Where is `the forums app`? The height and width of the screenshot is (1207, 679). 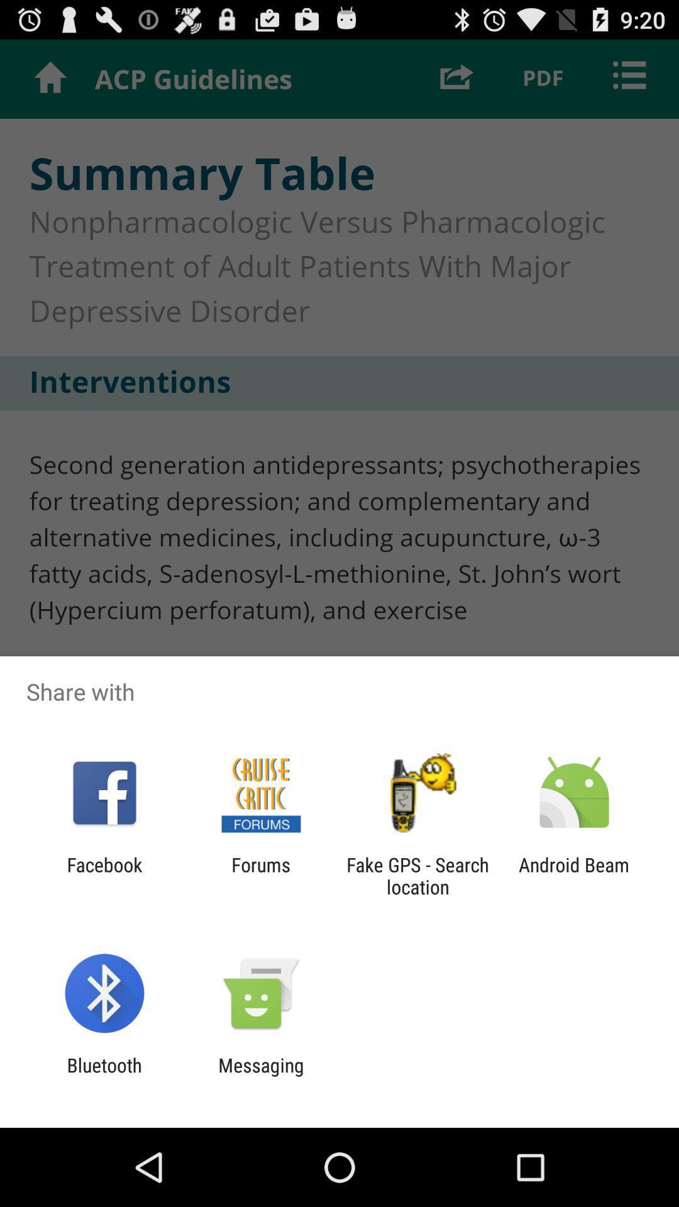 the forums app is located at coordinates (260, 875).